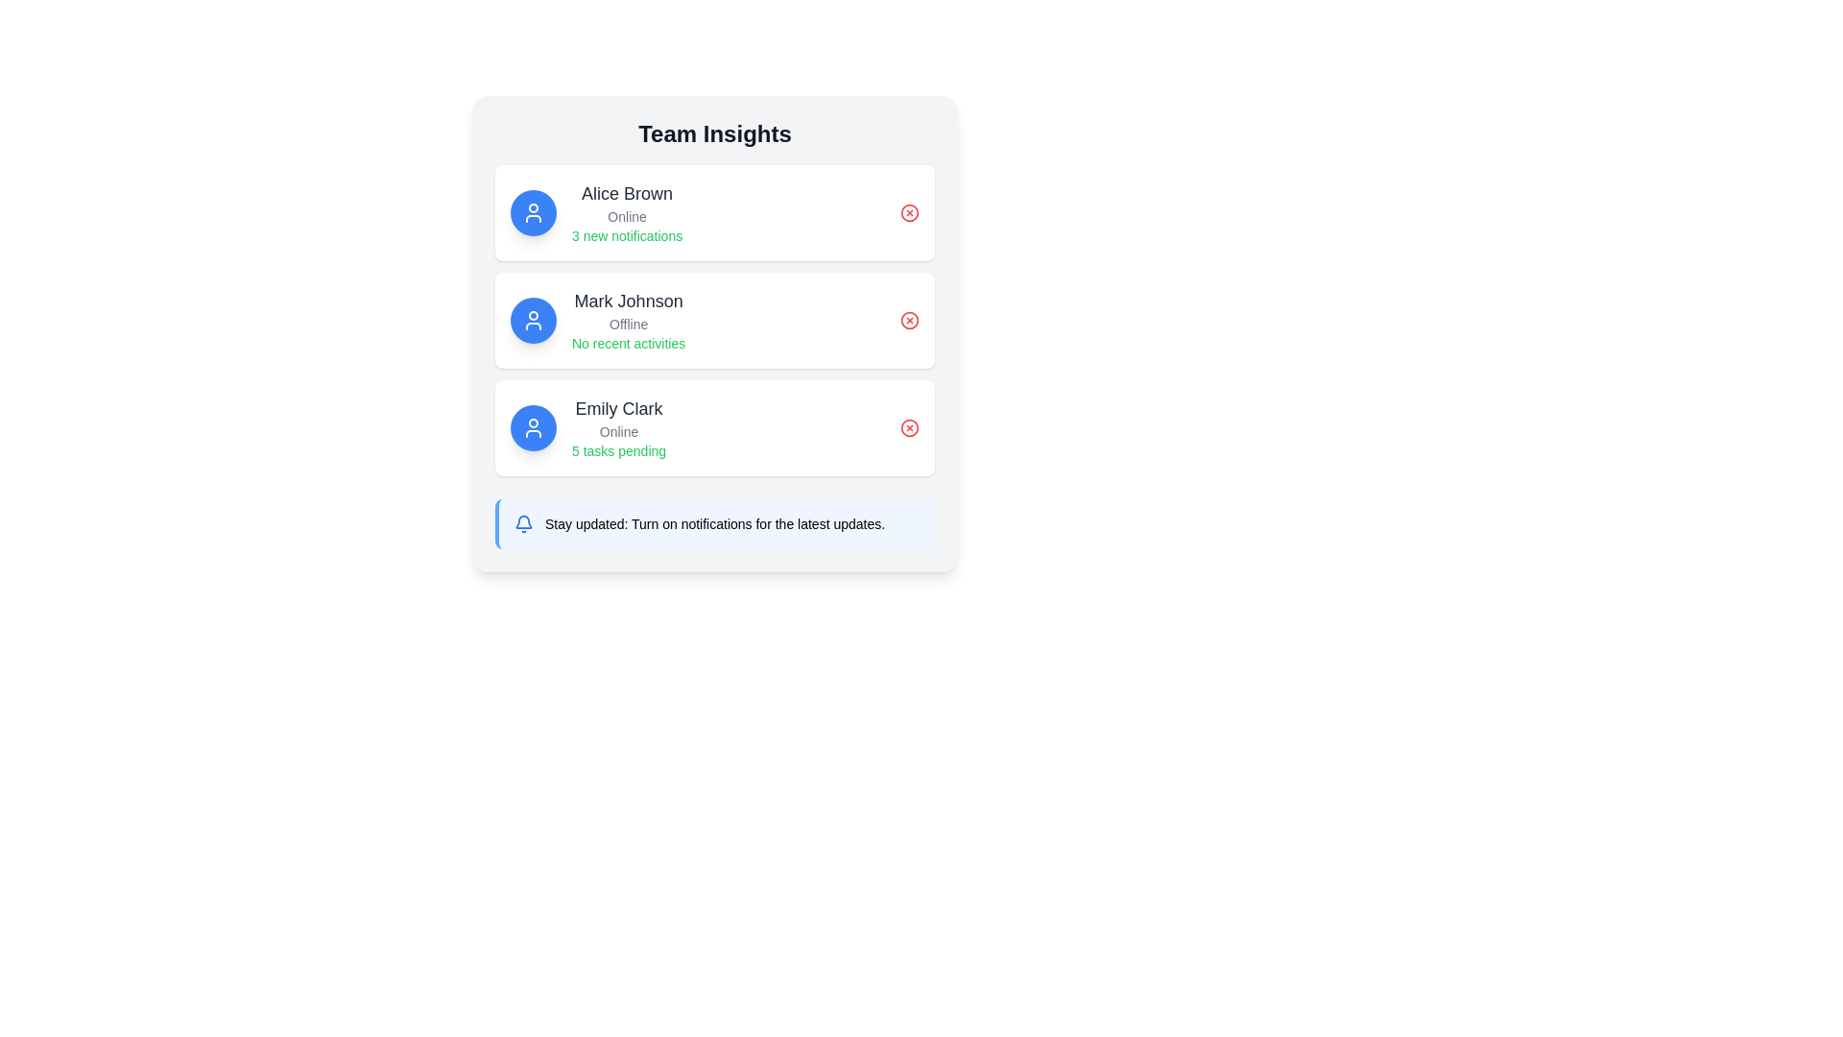 The width and height of the screenshot is (1843, 1037). Describe the element at coordinates (627, 213) in the screenshot. I see `notification information from the Informational Text Block displaying 'Alice Brown', 'Online', and '3 new notifications' located in the 'Team Insights' section` at that location.